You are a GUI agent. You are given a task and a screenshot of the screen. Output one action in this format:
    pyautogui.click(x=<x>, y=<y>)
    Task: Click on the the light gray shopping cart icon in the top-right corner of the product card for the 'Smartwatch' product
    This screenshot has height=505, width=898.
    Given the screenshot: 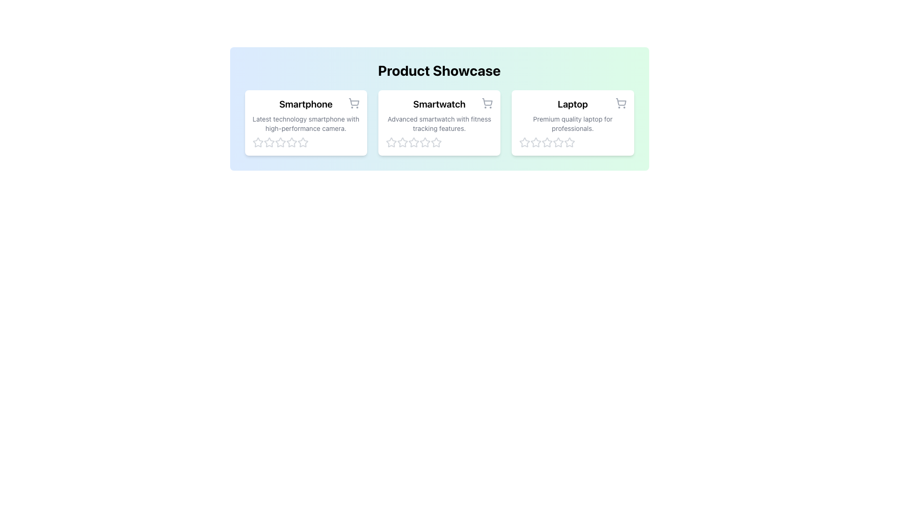 What is the action you would take?
    pyautogui.click(x=487, y=103)
    